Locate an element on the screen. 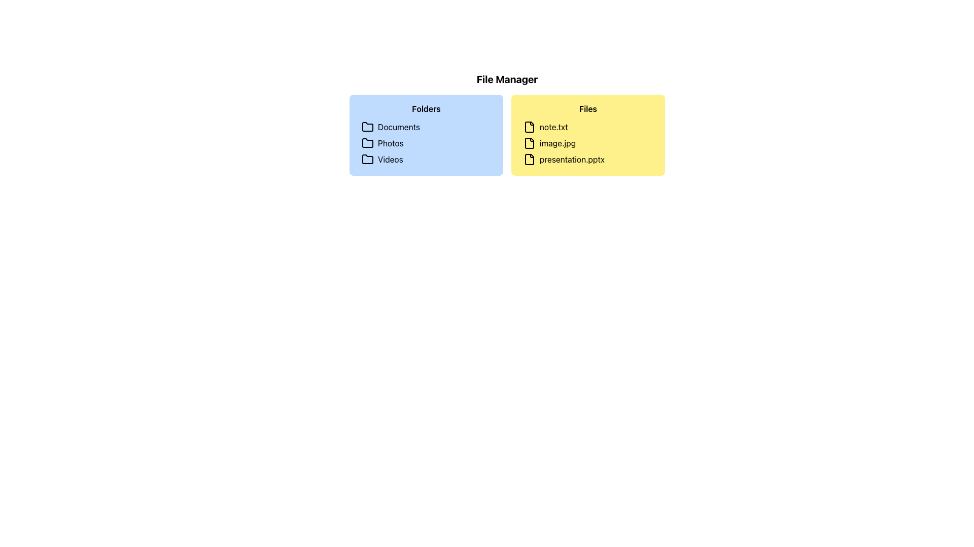  the document icon resembling a sheet with a dog-eared corner, located to the left of the text 'presentation.pptx' is located at coordinates (529, 160).